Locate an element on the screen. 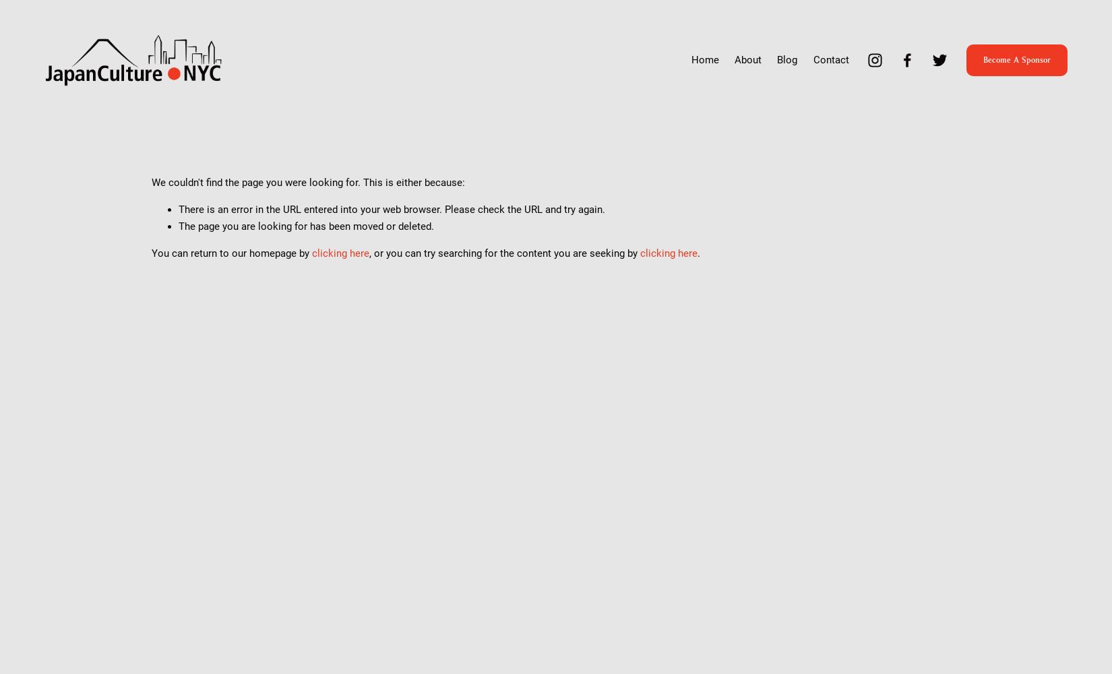 This screenshot has height=674, width=1112. 'Contact' is located at coordinates (812, 59).